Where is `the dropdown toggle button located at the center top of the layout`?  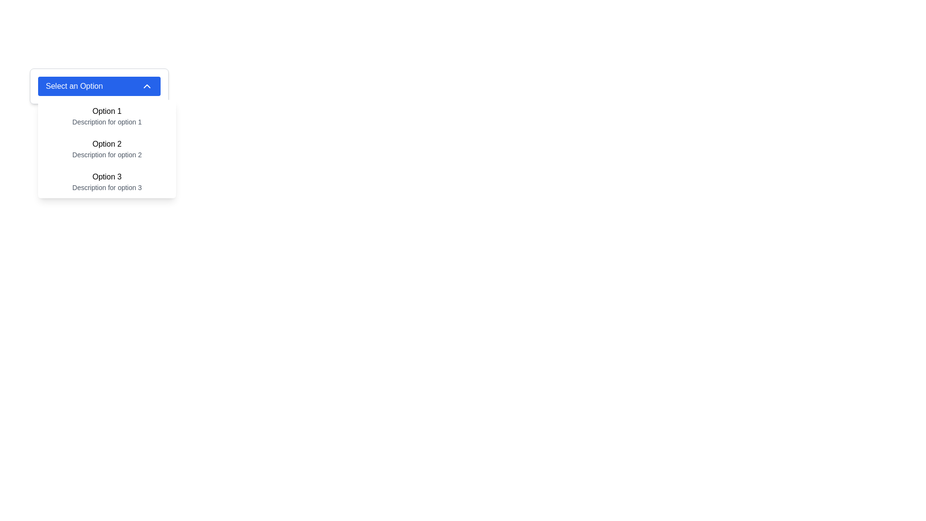 the dropdown toggle button located at the center top of the layout is located at coordinates (99, 85).